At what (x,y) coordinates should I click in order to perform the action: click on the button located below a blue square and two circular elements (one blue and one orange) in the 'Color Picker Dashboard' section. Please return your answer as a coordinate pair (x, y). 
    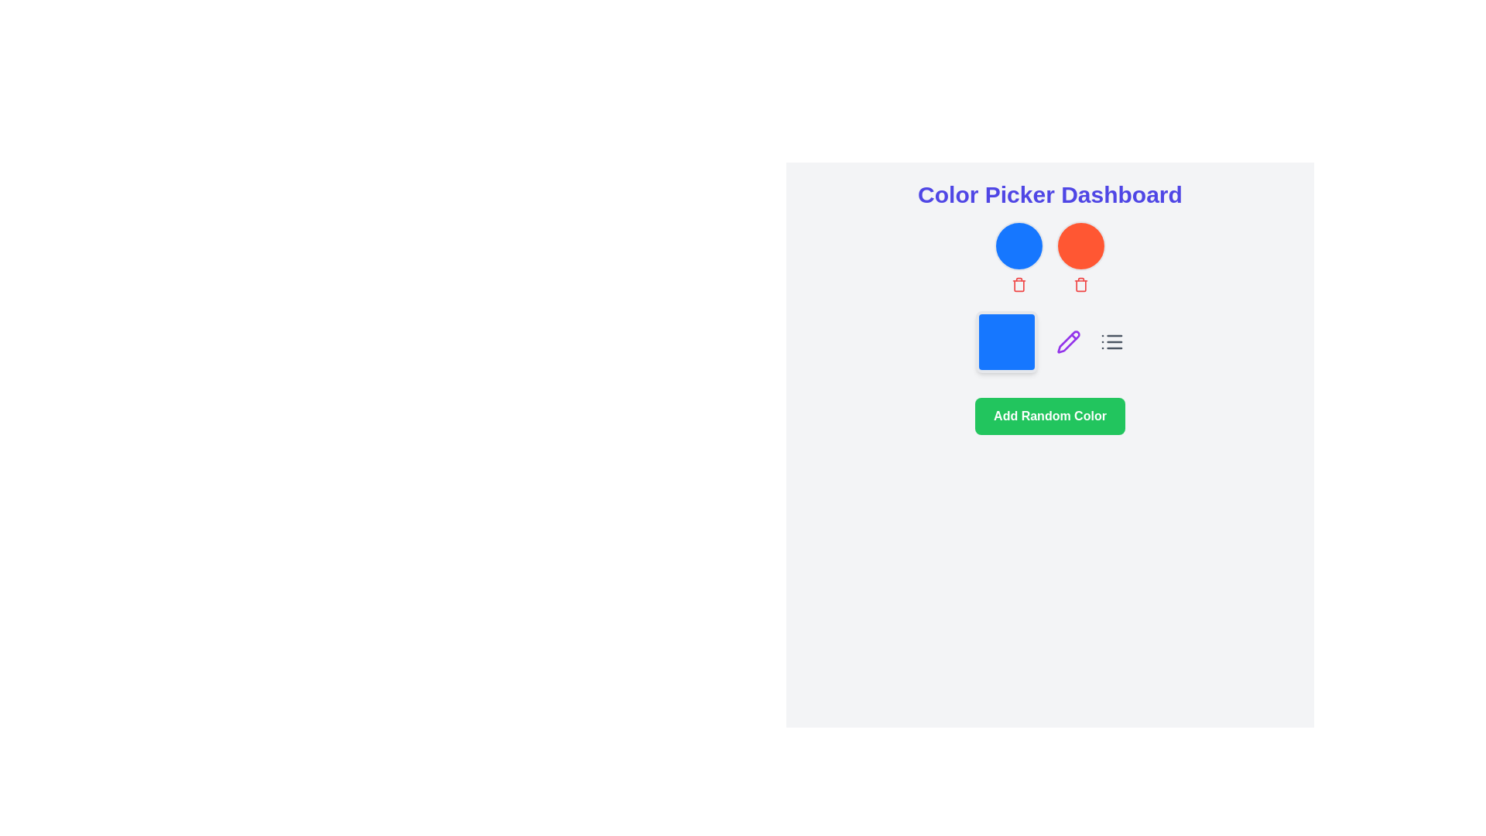
    Looking at the image, I should click on (1050, 415).